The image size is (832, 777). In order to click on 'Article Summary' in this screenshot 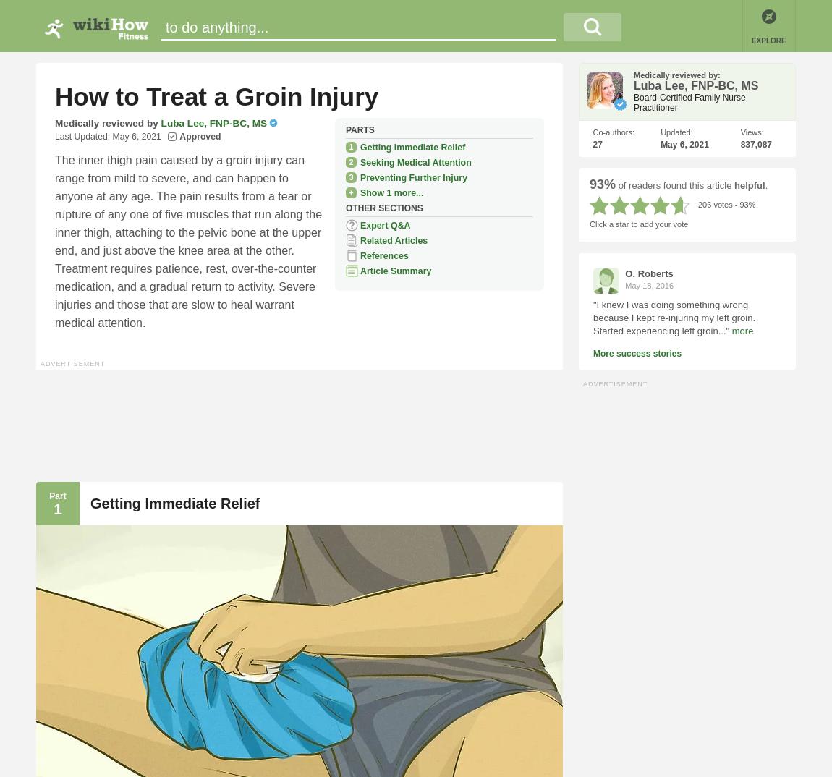, I will do `click(396, 269)`.